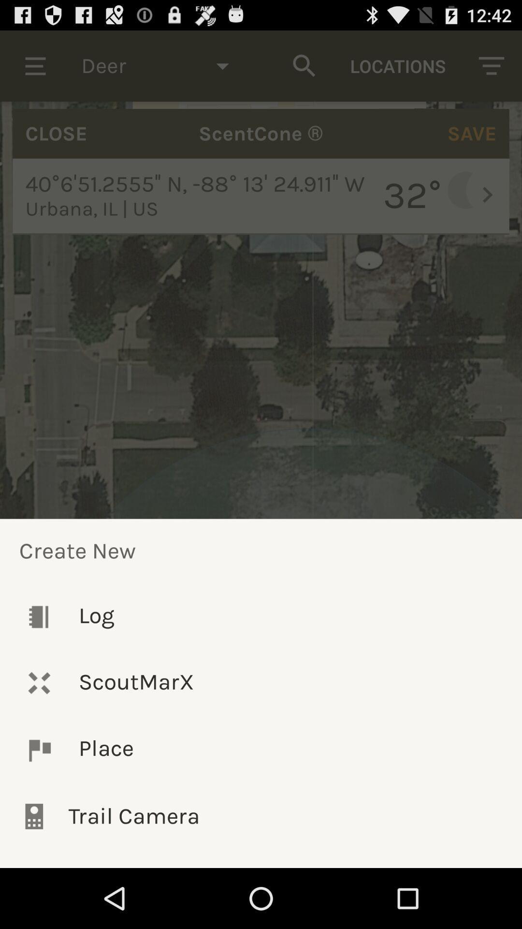  What do you see at coordinates (261, 682) in the screenshot?
I see `the item above the place` at bounding box center [261, 682].